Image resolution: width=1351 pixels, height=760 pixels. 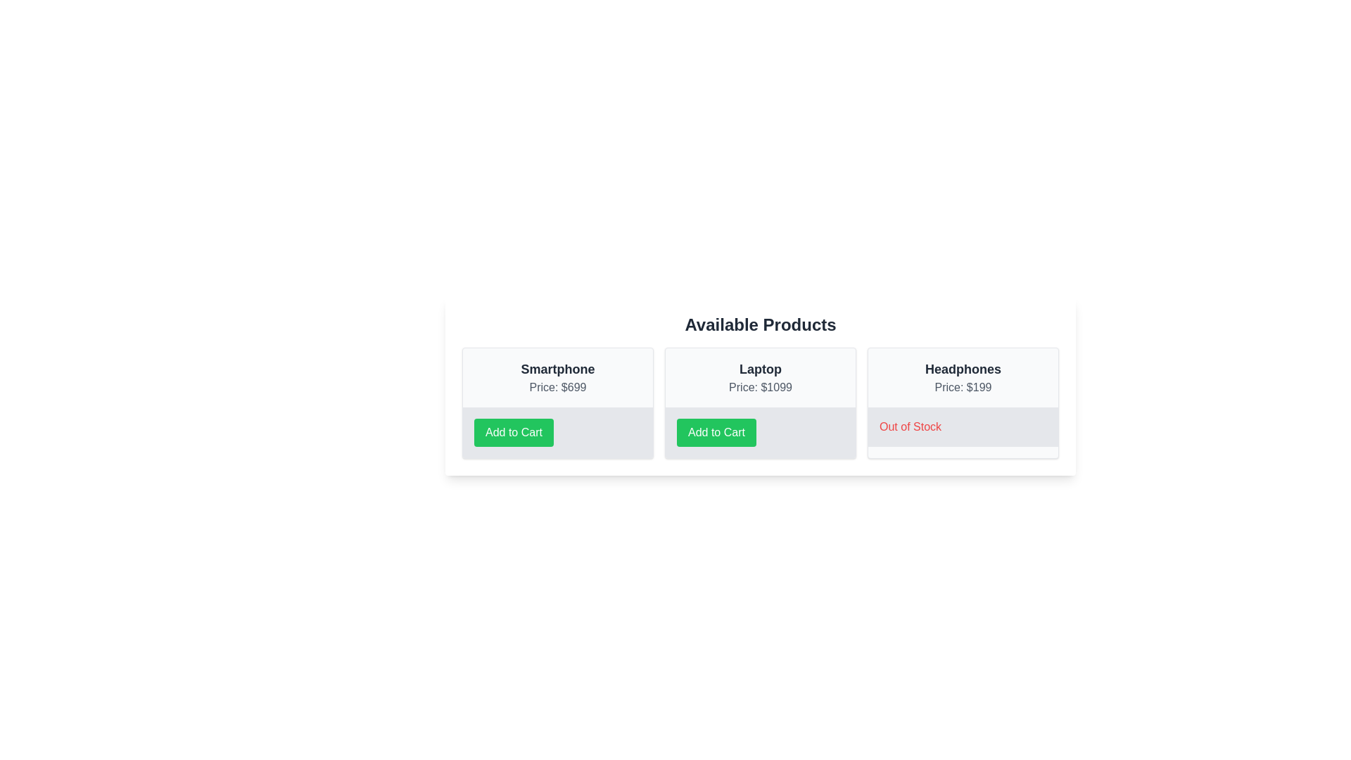 I want to click on the 'Smartphone' text label displayed in bold above the price information within the first product card, so click(x=557, y=368).